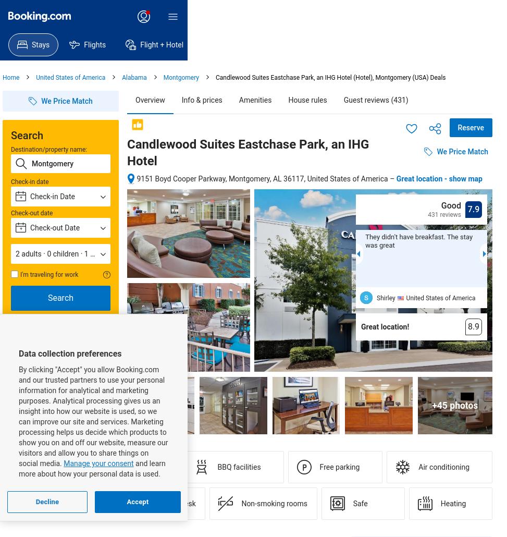 This screenshot has height=537, width=507. What do you see at coordinates (262, 178) in the screenshot?
I see `'9151 Boyd Cooper Parkway, Montgomery, AL 36117, United States of America'` at bounding box center [262, 178].